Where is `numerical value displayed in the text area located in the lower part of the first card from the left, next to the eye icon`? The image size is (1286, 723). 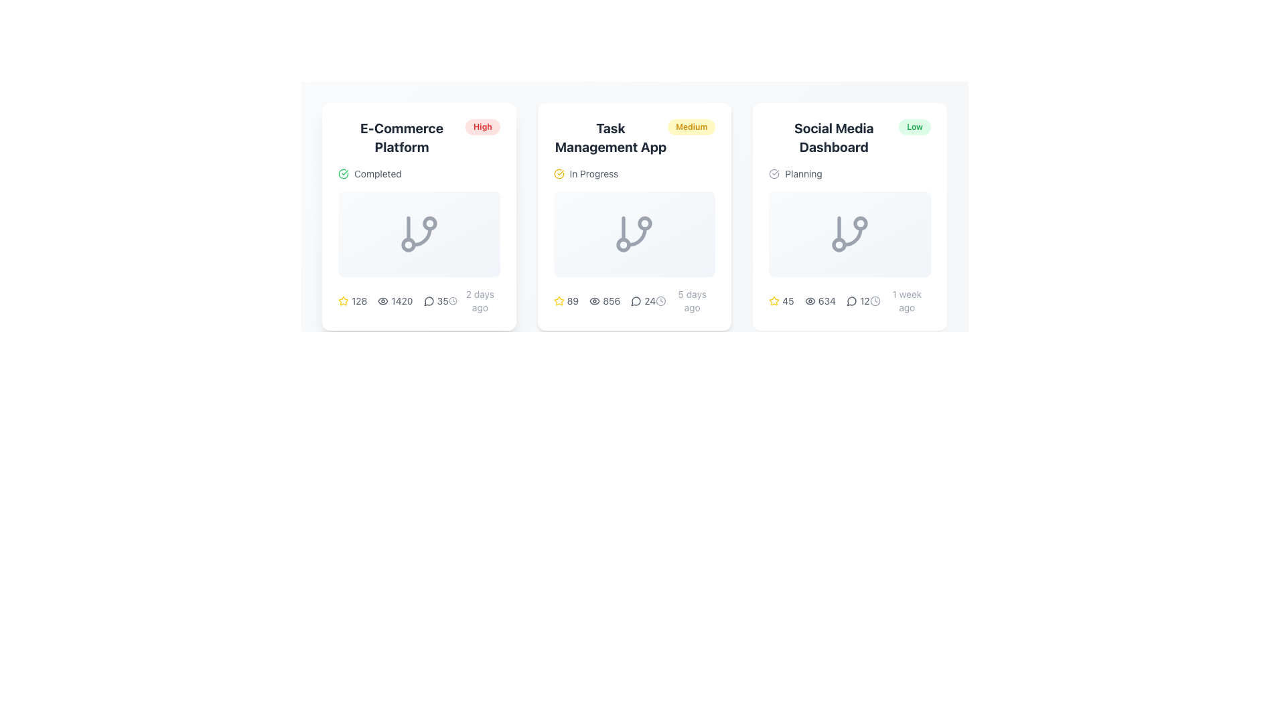
numerical value displayed in the text area located in the lower part of the first card from the left, next to the eye icon is located at coordinates (401, 301).